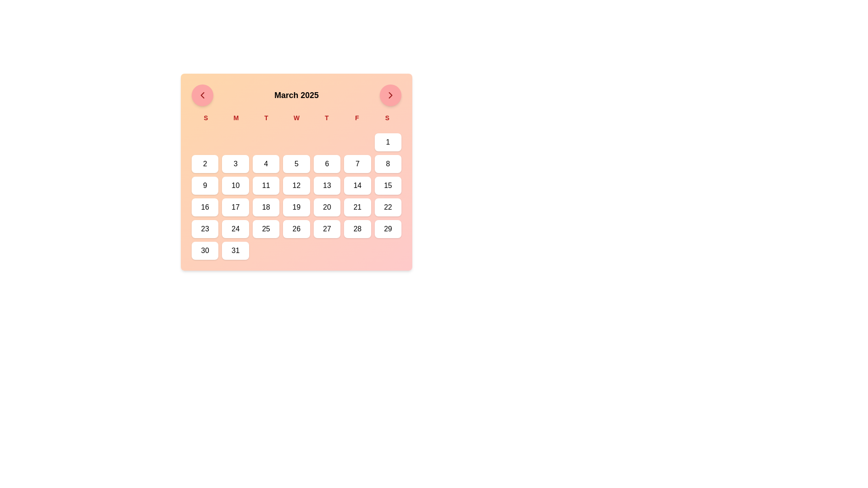 The width and height of the screenshot is (868, 488). I want to click on the button representing the date '16' in the calendar interface, so click(204, 207).